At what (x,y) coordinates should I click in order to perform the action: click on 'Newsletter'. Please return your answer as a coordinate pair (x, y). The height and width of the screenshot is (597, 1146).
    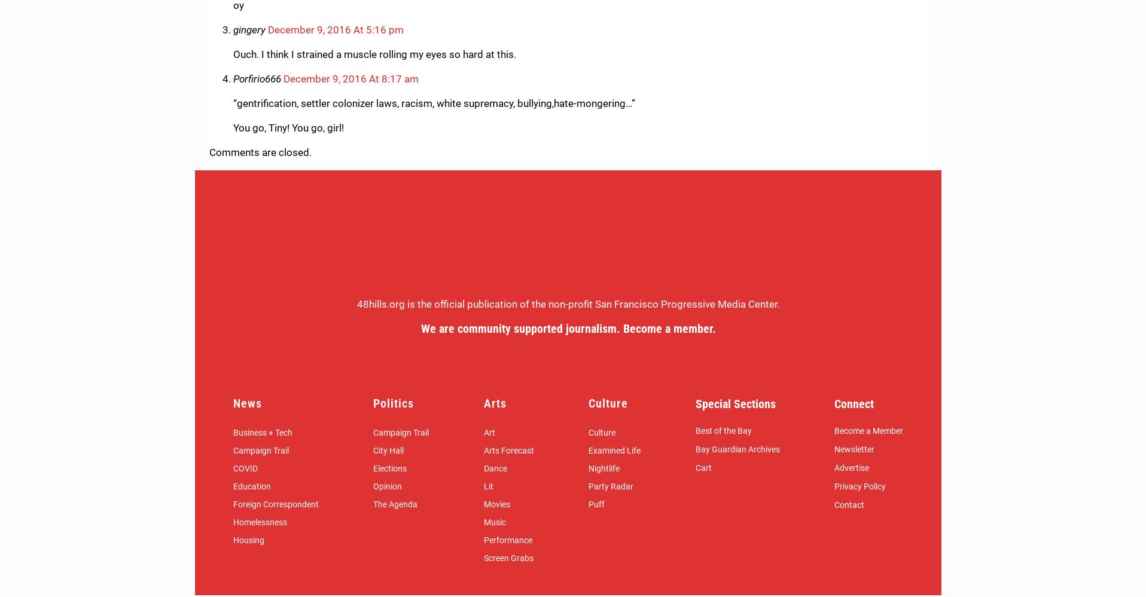
    Looking at the image, I should click on (834, 449).